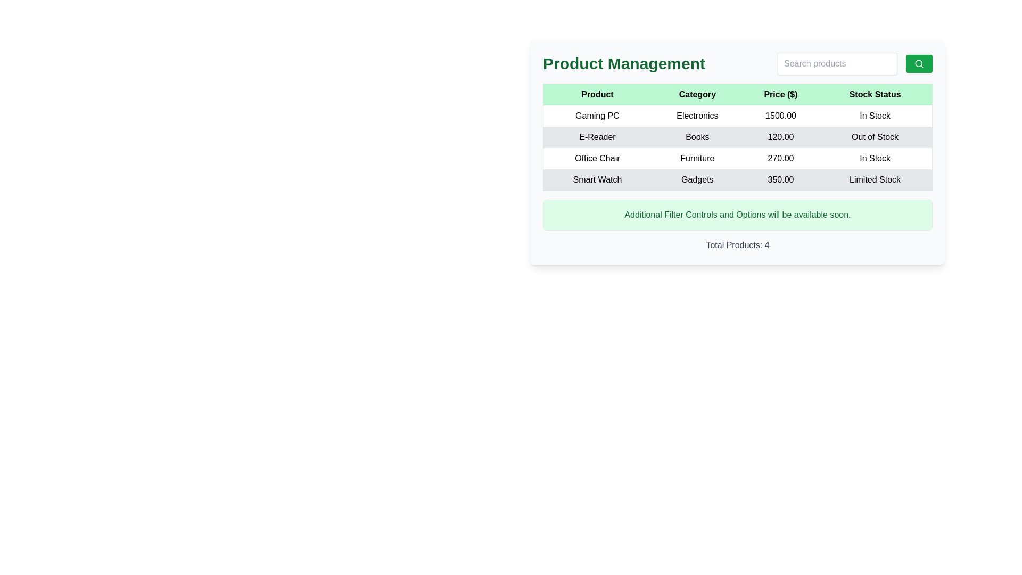 The height and width of the screenshot is (575, 1022). What do you see at coordinates (597, 137) in the screenshot?
I see `the static textual label displaying 'E-Reader' in the first cell of the second row under the 'Product' column in the table` at bounding box center [597, 137].